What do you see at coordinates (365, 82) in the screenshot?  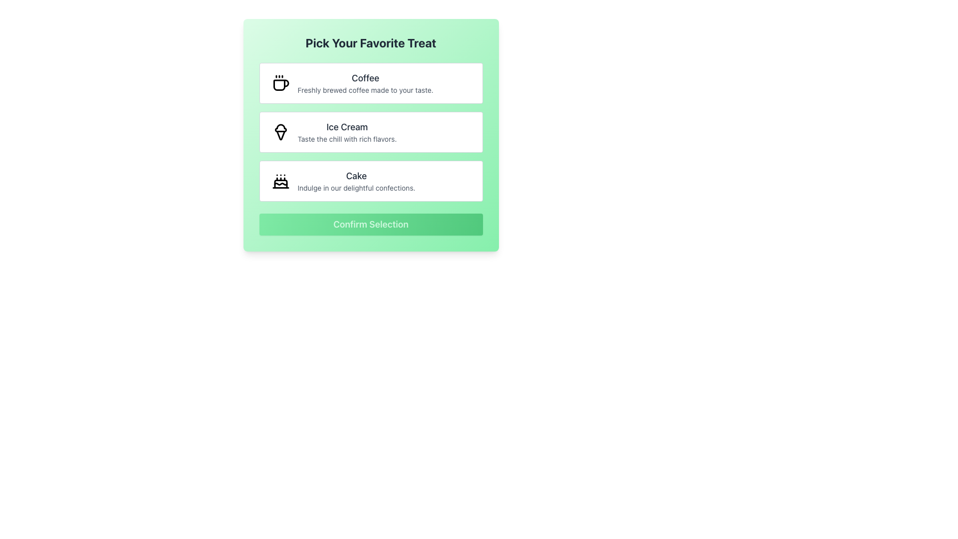 I see `the informational text block describing the 'Coffee' option, which is located to the right of the coffee cup icon in the topmost selectable card of the central panel` at bounding box center [365, 82].